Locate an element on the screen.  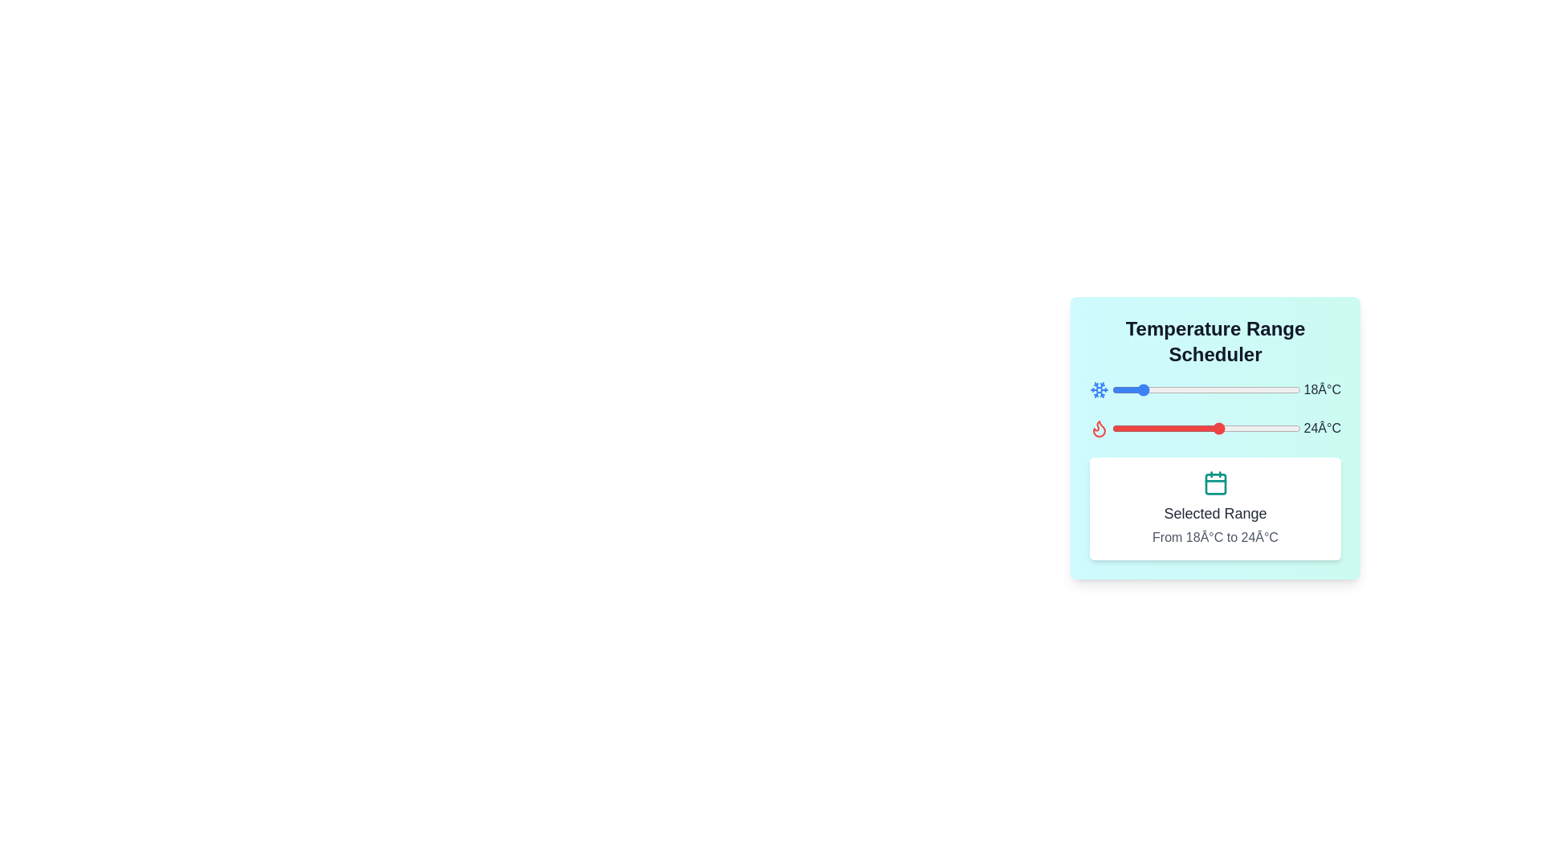
the temperature is located at coordinates (1287, 427).